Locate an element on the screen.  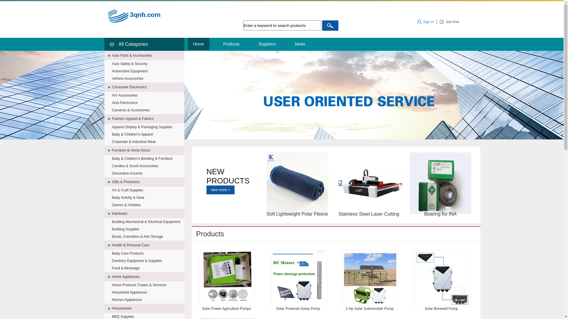
'Cameras & Accessories' is located at coordinates (148, 110).